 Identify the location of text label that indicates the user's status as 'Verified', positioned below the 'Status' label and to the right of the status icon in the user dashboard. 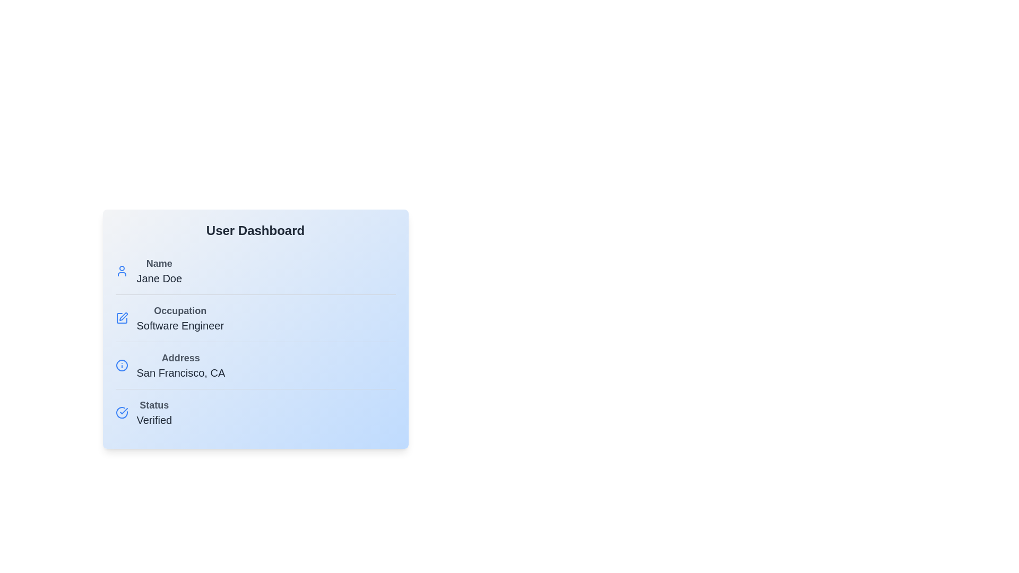
(153, 419).